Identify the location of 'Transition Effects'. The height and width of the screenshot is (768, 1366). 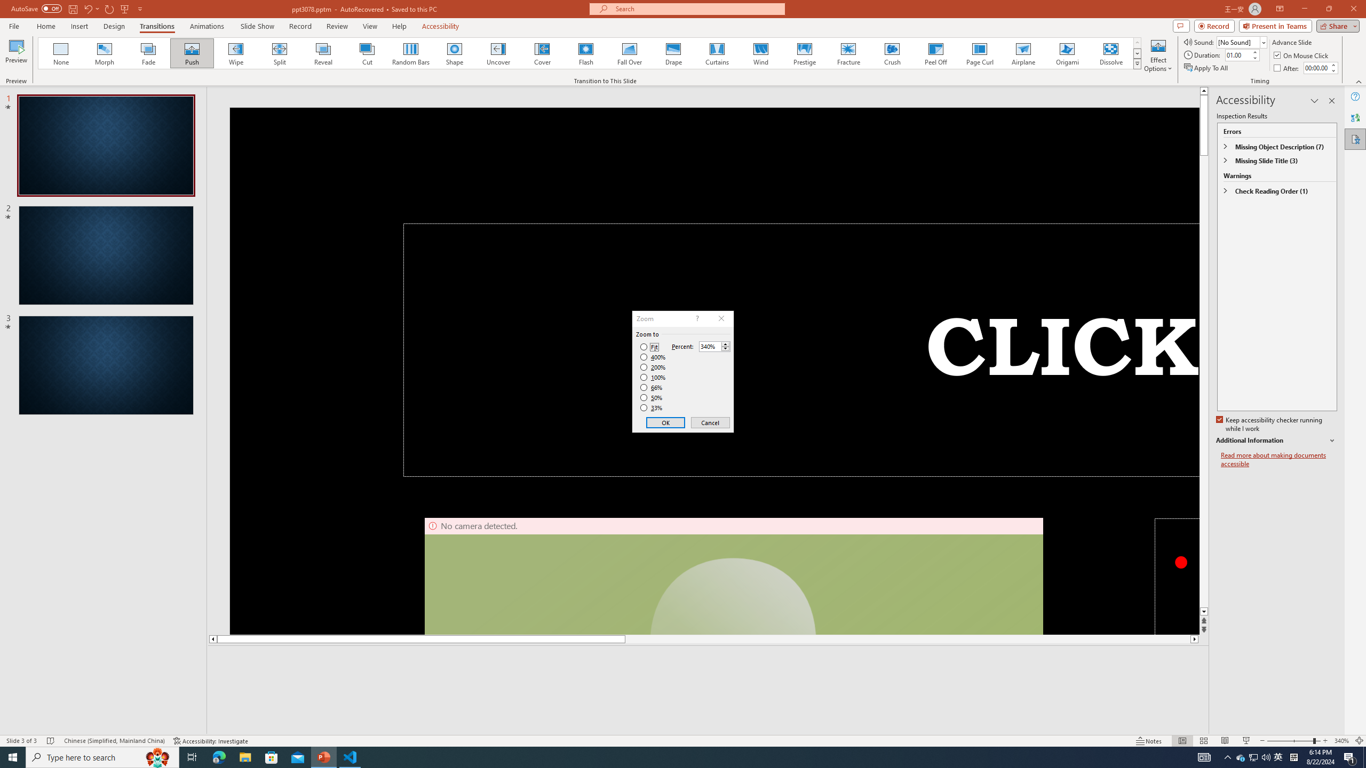
(1137, 63).